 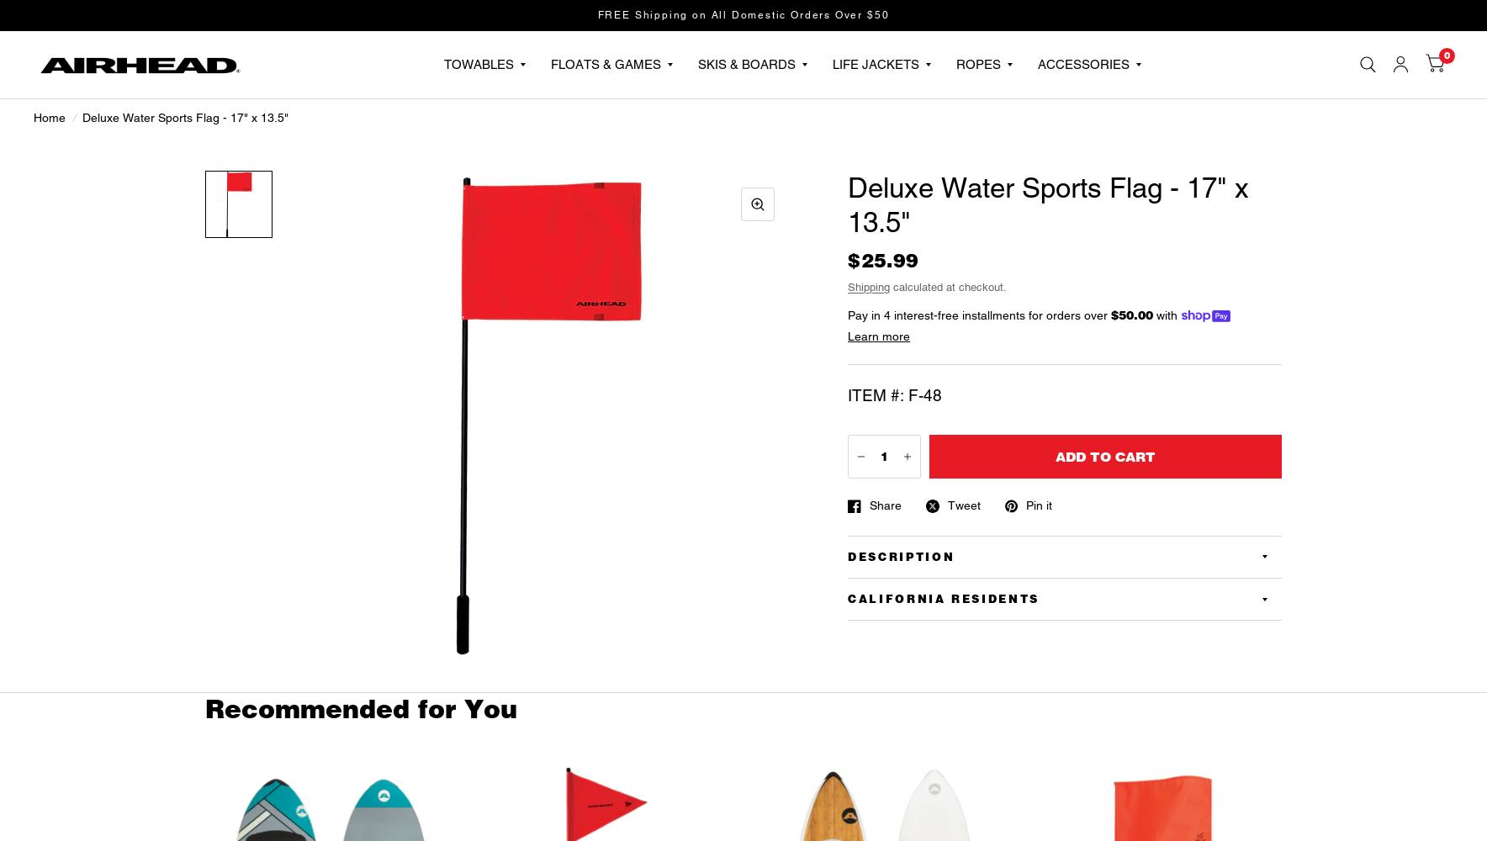 What do you see at coordinates (733, 136) in the screenshot?
I see `'RIVER TUBES & FLOATS'` at bounding box center [733, 136].